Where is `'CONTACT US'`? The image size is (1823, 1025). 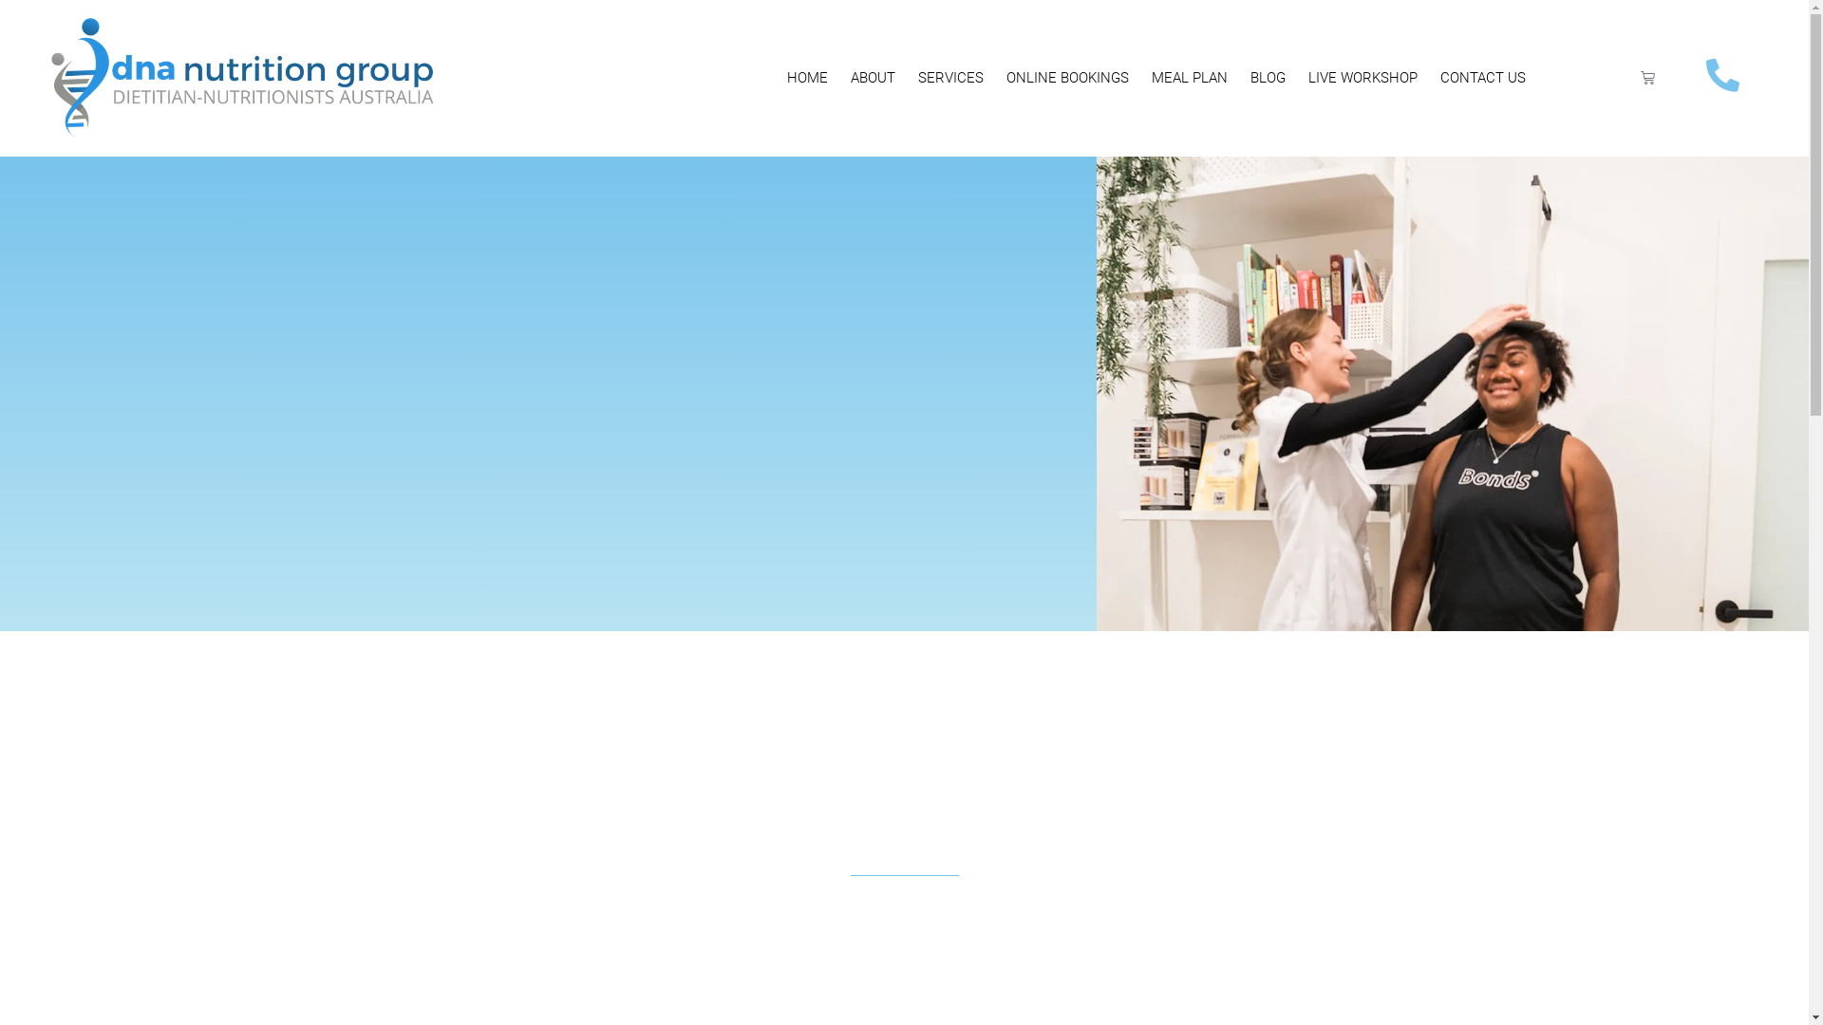
'CONTACT US' is located at coordinates (1481, 76).